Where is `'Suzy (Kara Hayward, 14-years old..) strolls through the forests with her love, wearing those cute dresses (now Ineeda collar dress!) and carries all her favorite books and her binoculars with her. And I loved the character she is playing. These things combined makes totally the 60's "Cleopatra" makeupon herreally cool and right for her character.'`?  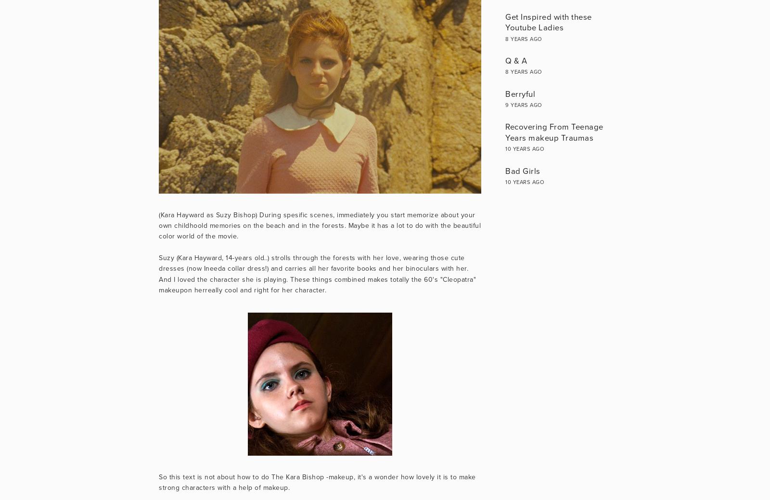 'Suzy (Kara Hayward, 14-years old..) strolls through the forests with her love, wearing those cute dresses (now Ineeda collar dress!) and carries all her favorite books and her binoculars with her. And I loved the character she is playing. These things combined makes totally the 60's "Cleopatra" makeupon herreally cool and right for her character.' is located at coordinates (158, 274).